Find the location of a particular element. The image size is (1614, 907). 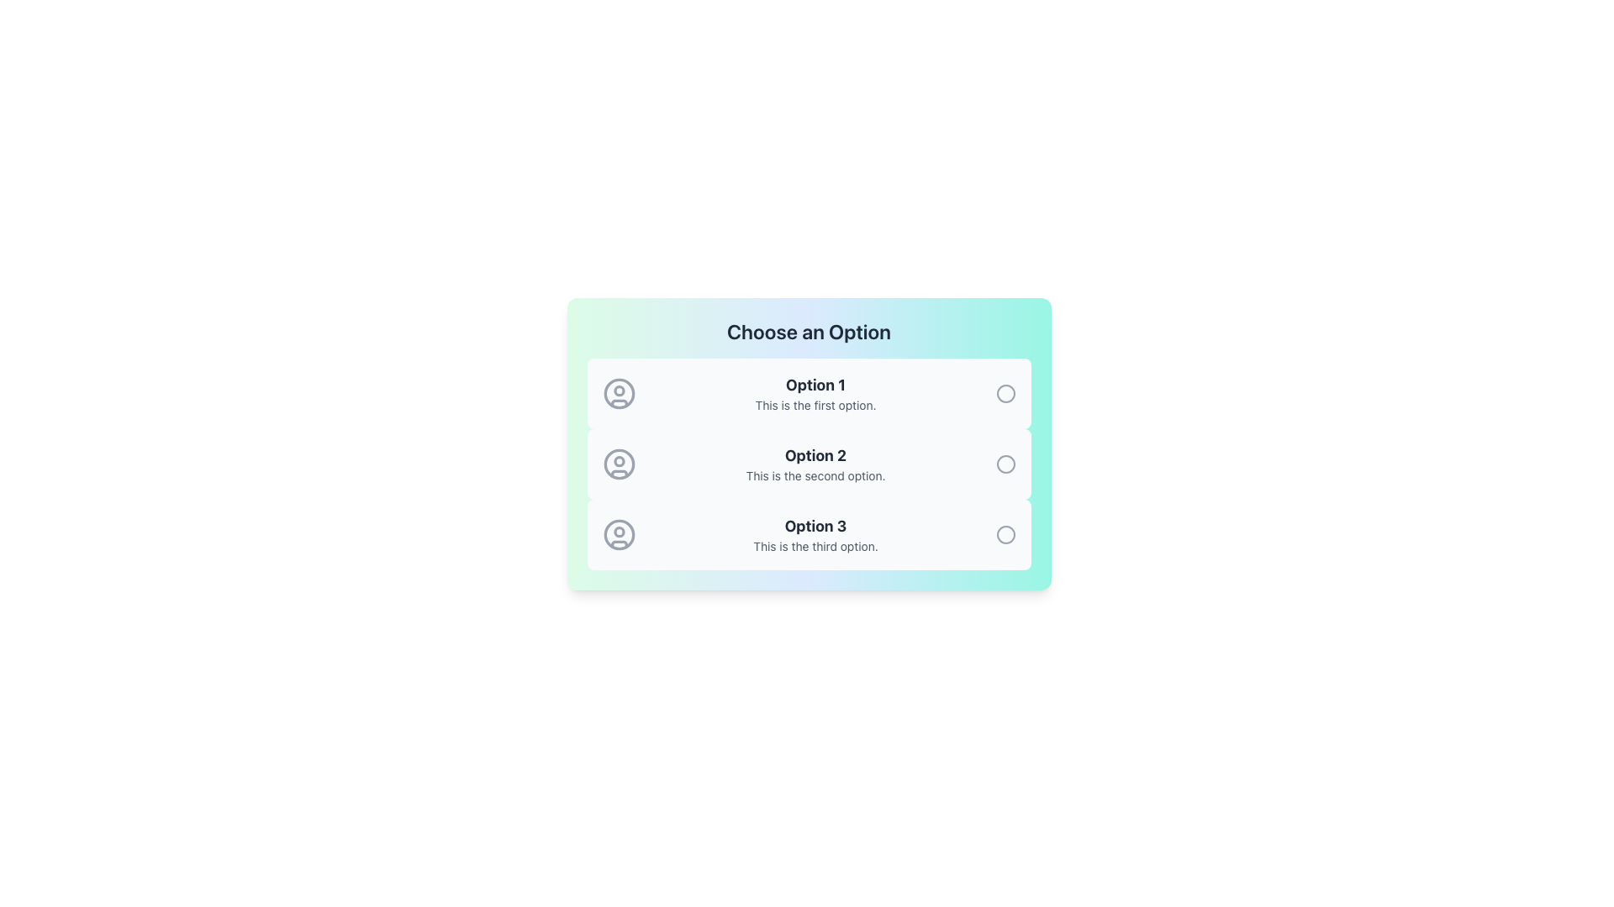

the text label displaying a selectable option in the list, positioned beneath 'Choose an Option' and above 'Option 2' is located at coordinates (815, 394).